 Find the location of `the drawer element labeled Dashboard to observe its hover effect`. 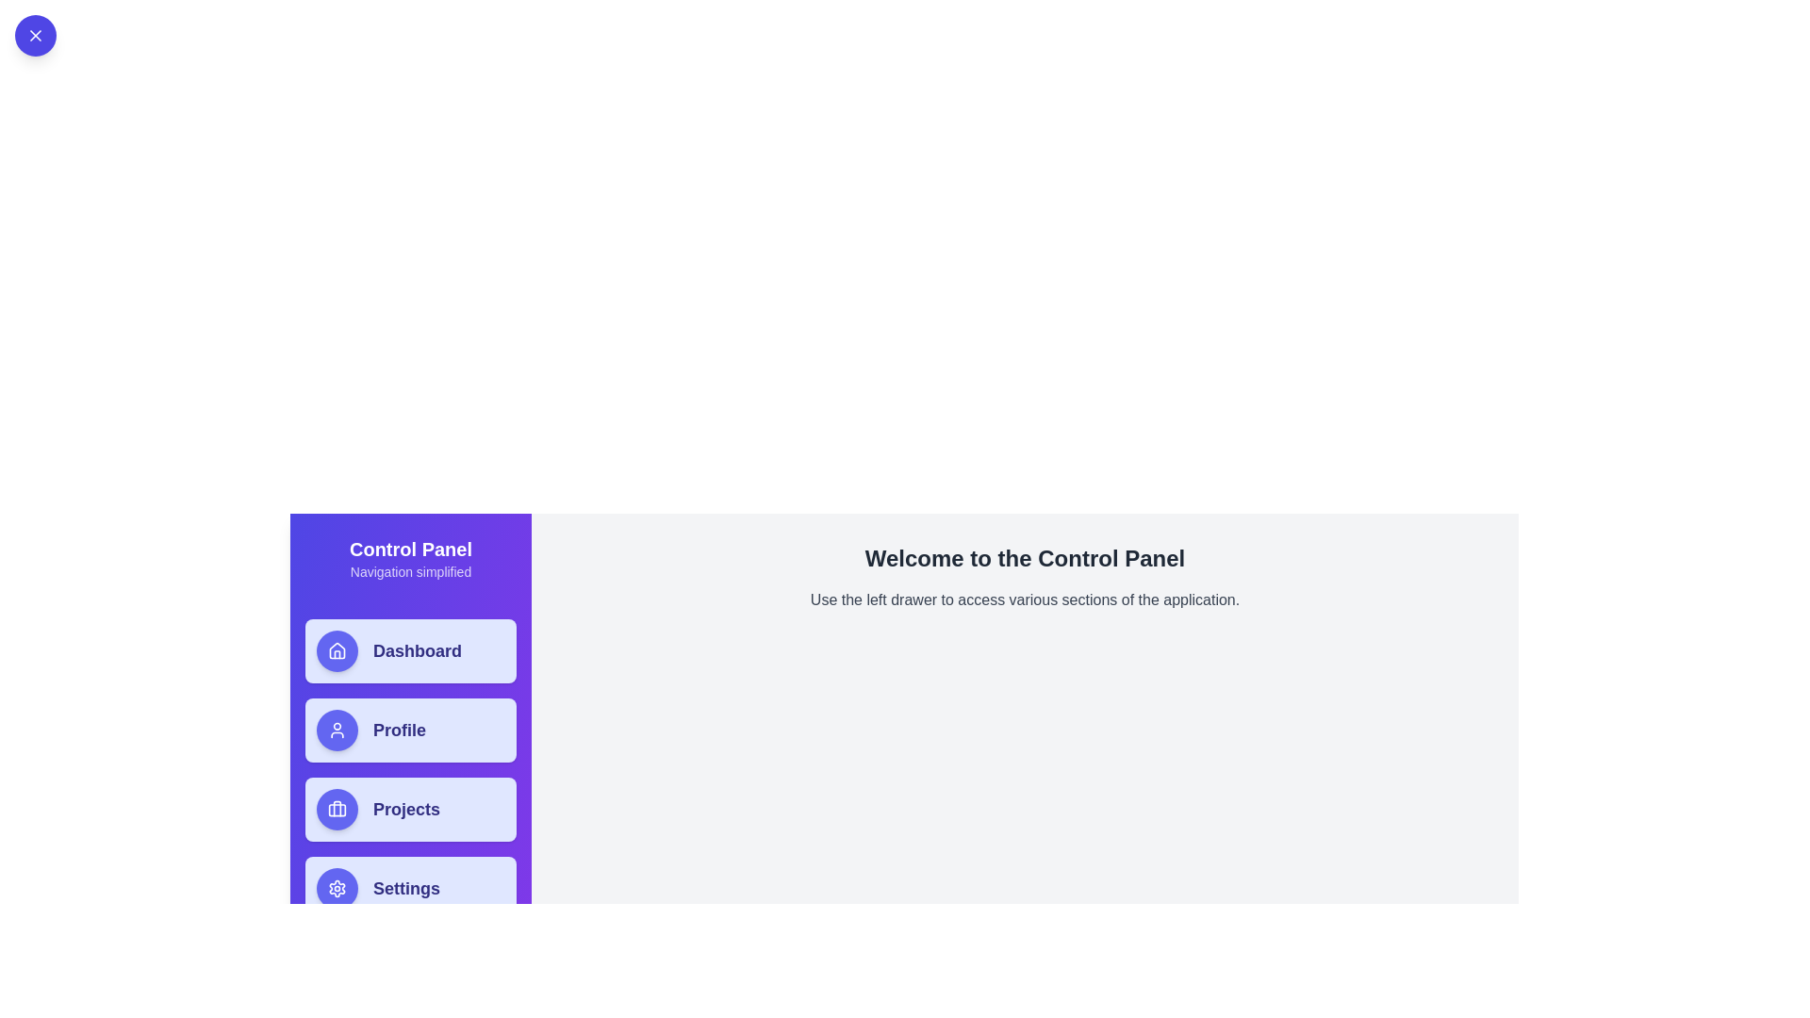

the drawer element labeled Dashboard to observe its hover effect is located at coordinates (410, 649).